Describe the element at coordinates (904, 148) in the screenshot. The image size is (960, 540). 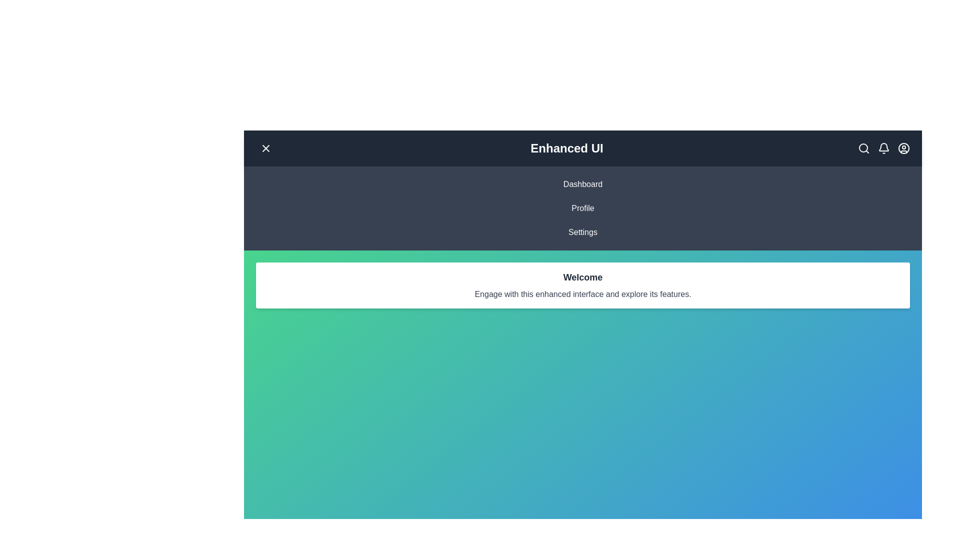
I see `the 'UserCircle' icon to access user profile options` at that location.